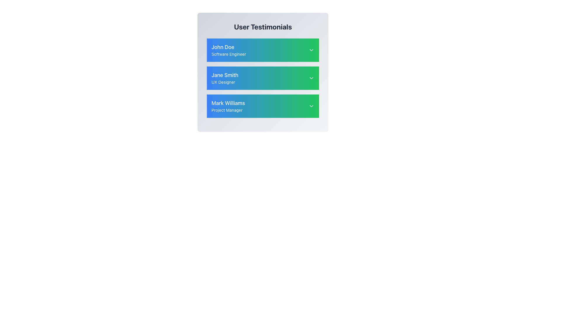 This screenshot has width=561, height=315. Describe the element at coordinates (228, 47) in the screenshot. I see `the text label displaying the name 'John Doe', which is the first line of text in a card with a gradient background, to possibly reveal additional information` at that location.